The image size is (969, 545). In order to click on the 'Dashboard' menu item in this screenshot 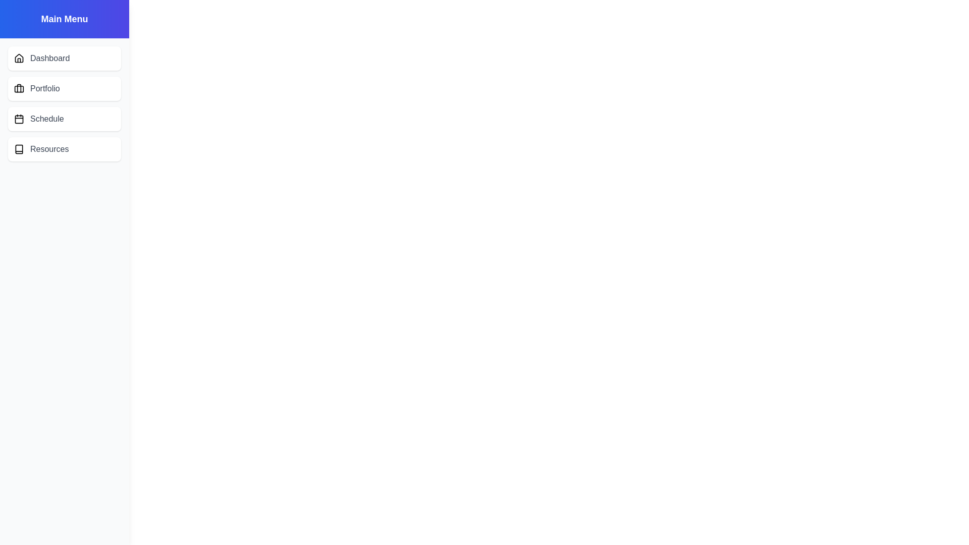, I will do `click(64, 58)`.